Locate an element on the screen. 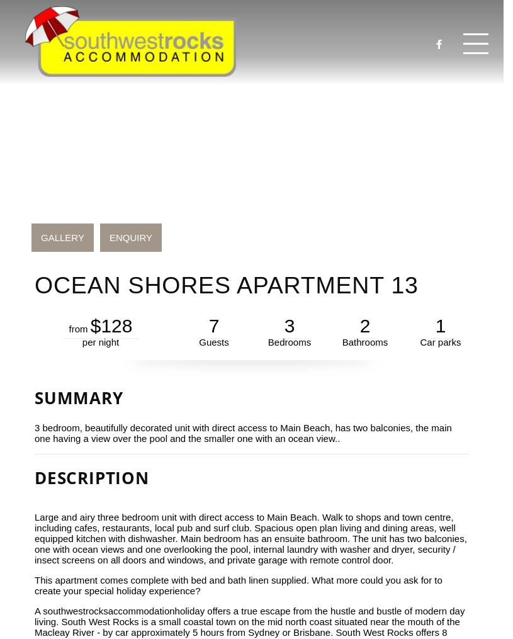 The width and height of the screenshot is (513, 639). 'Guests' is located at coordinates (213, 342).